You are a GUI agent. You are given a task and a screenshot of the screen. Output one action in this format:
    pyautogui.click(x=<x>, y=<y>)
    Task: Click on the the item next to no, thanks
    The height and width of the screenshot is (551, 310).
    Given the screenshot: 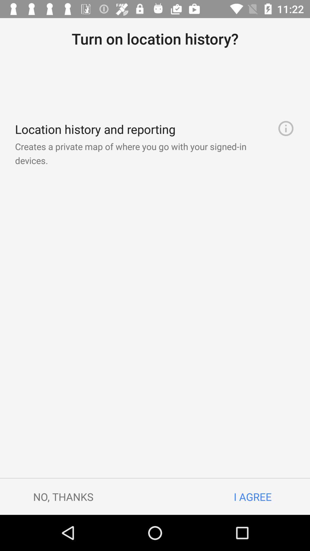 What is the action you would take?
    pyautogui.click(x=252, y=496)
    